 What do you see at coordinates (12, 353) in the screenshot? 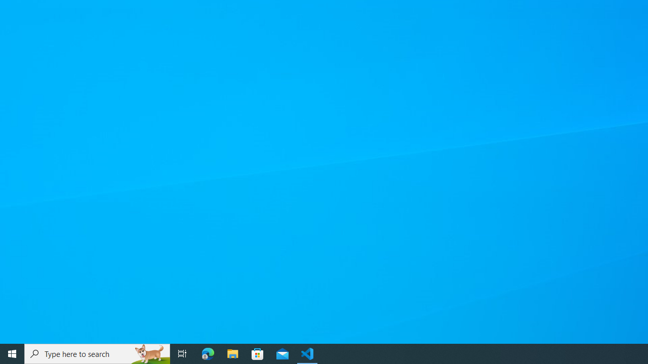
I see `'Start'` at bounding box center [12, 353].